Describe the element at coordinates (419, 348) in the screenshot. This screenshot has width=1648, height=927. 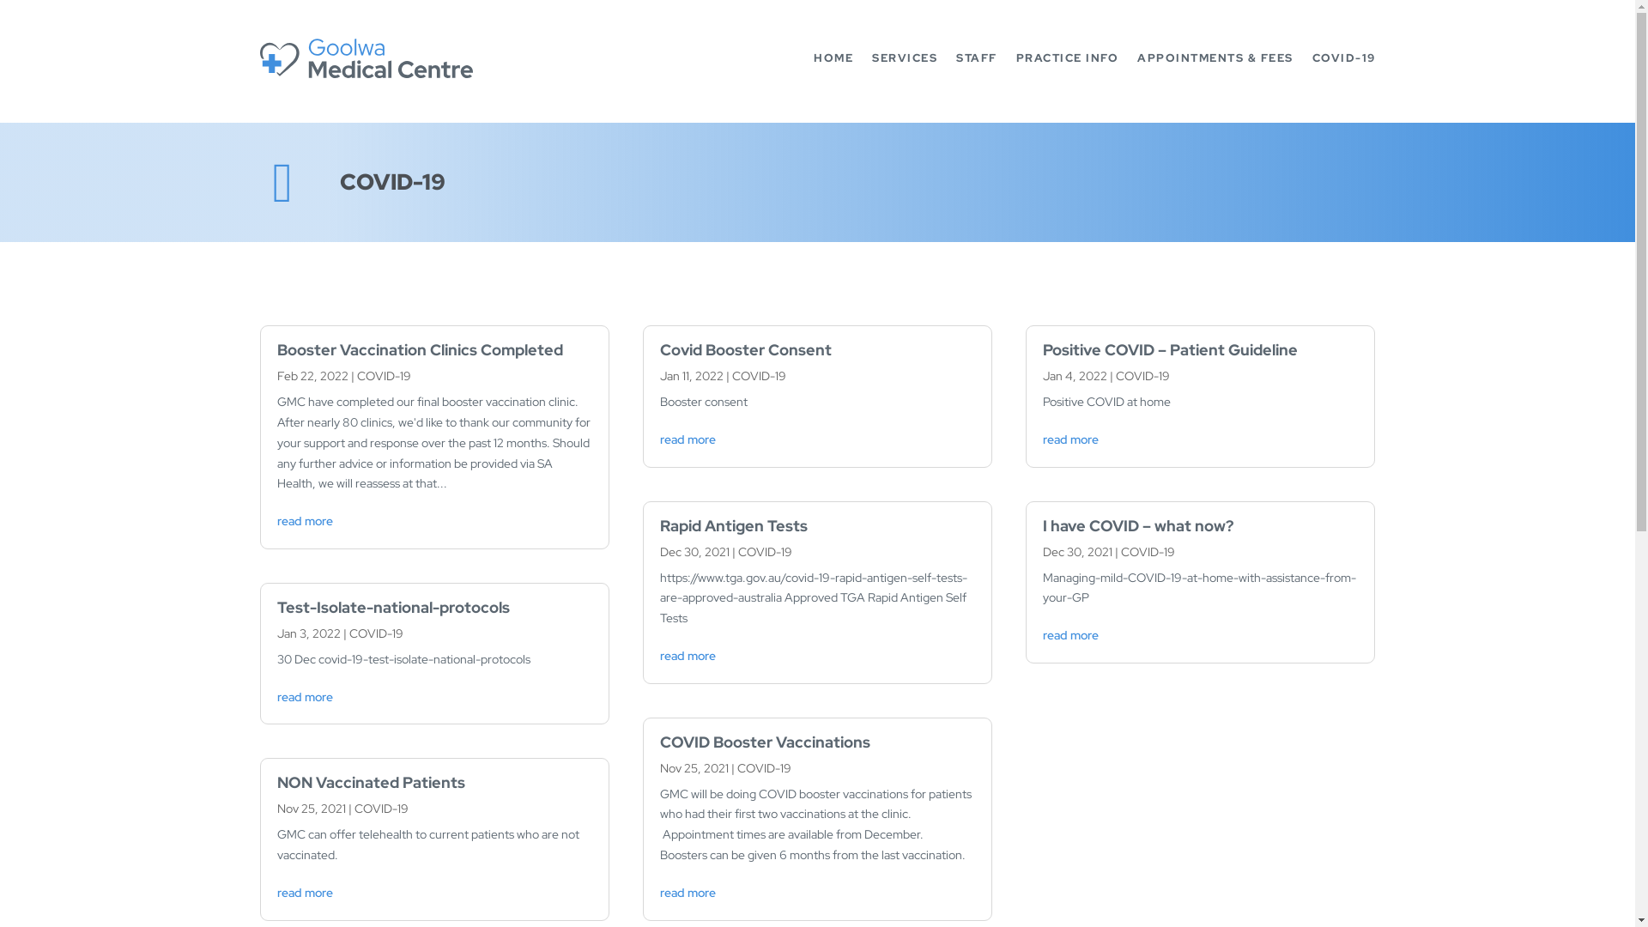
I see `'Booster Vaccination Clinics Completed'` at that location.